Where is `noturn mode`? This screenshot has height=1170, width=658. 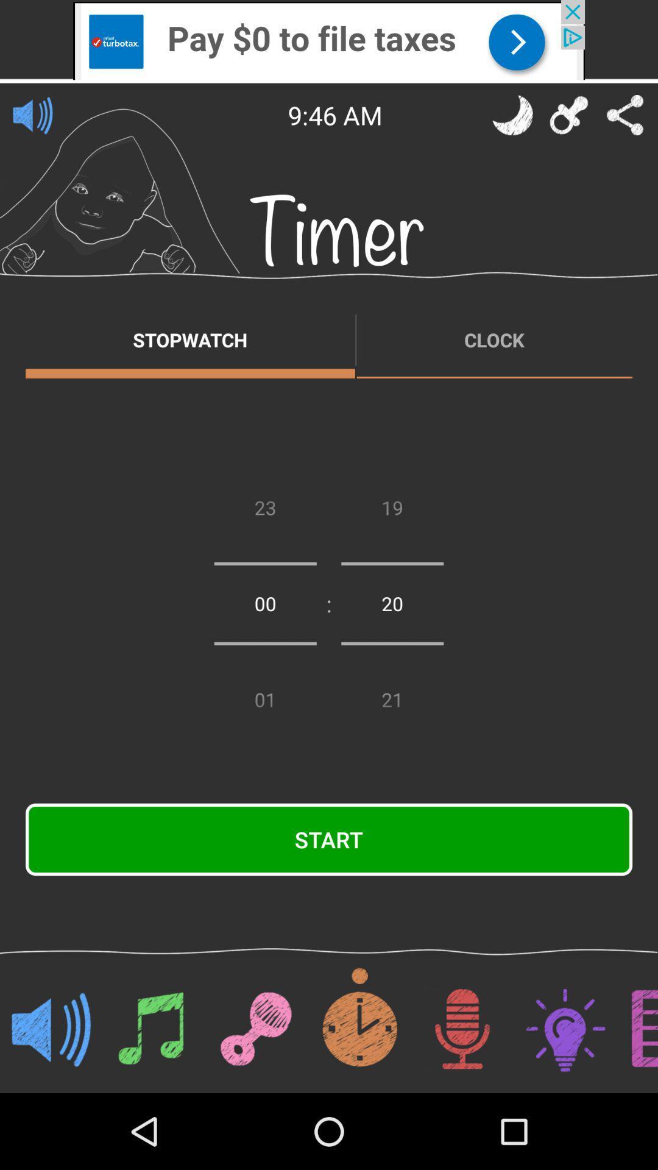
noturn mode is located at coordinates (512, 115).